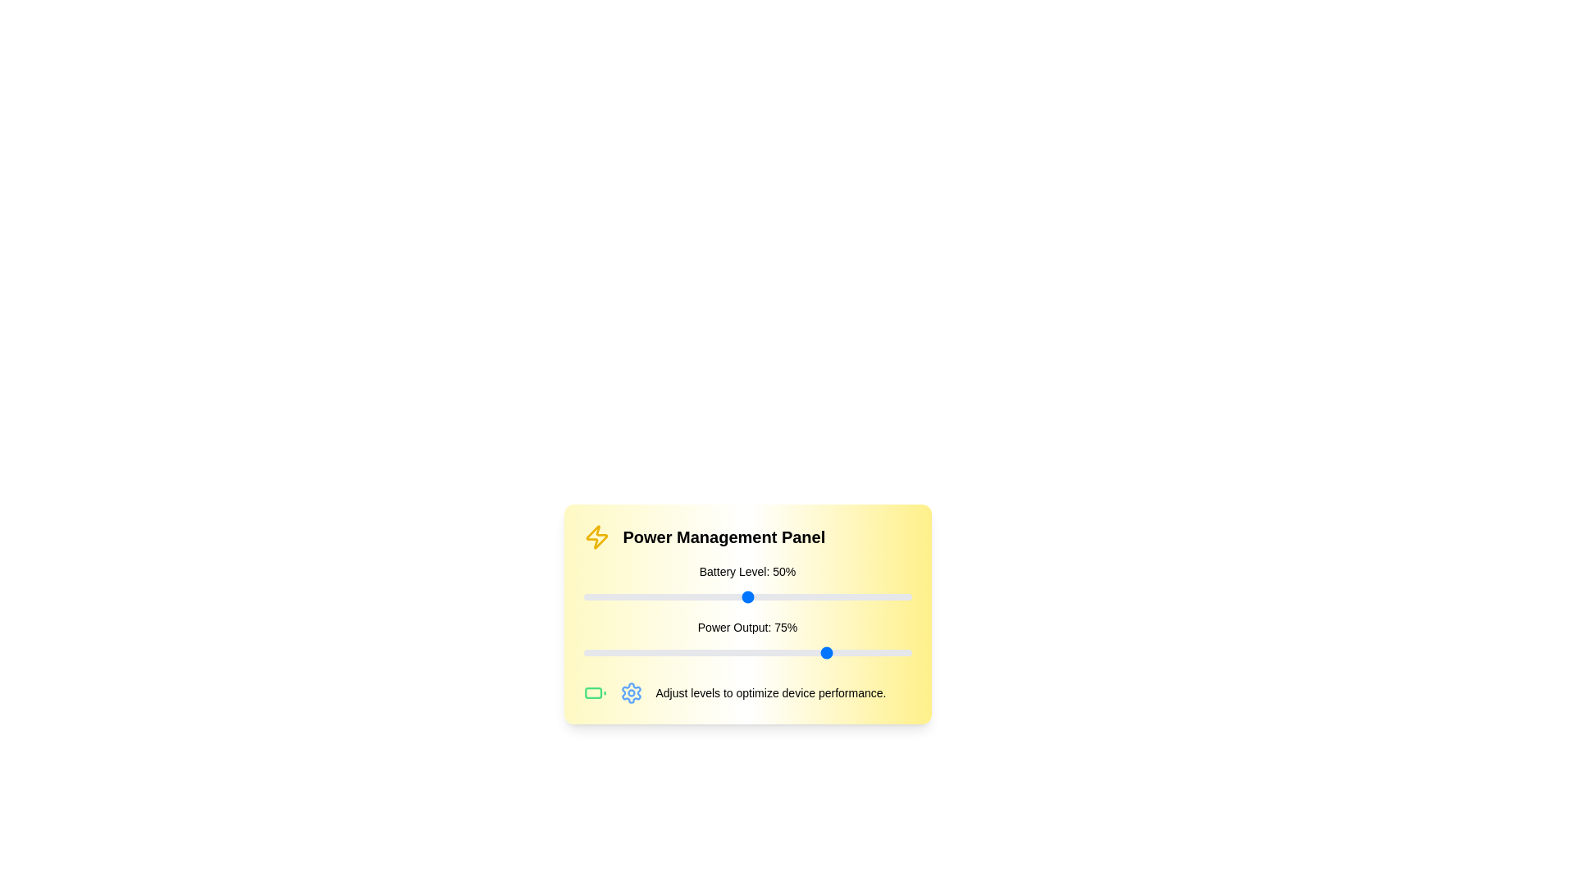 The width and height of the screenshot is (1575, 886). What do you see at coordinates (803, 651) in the screenshot?
I see `the 'Power Output' slider to 67%` at bounding box center [803, 651].